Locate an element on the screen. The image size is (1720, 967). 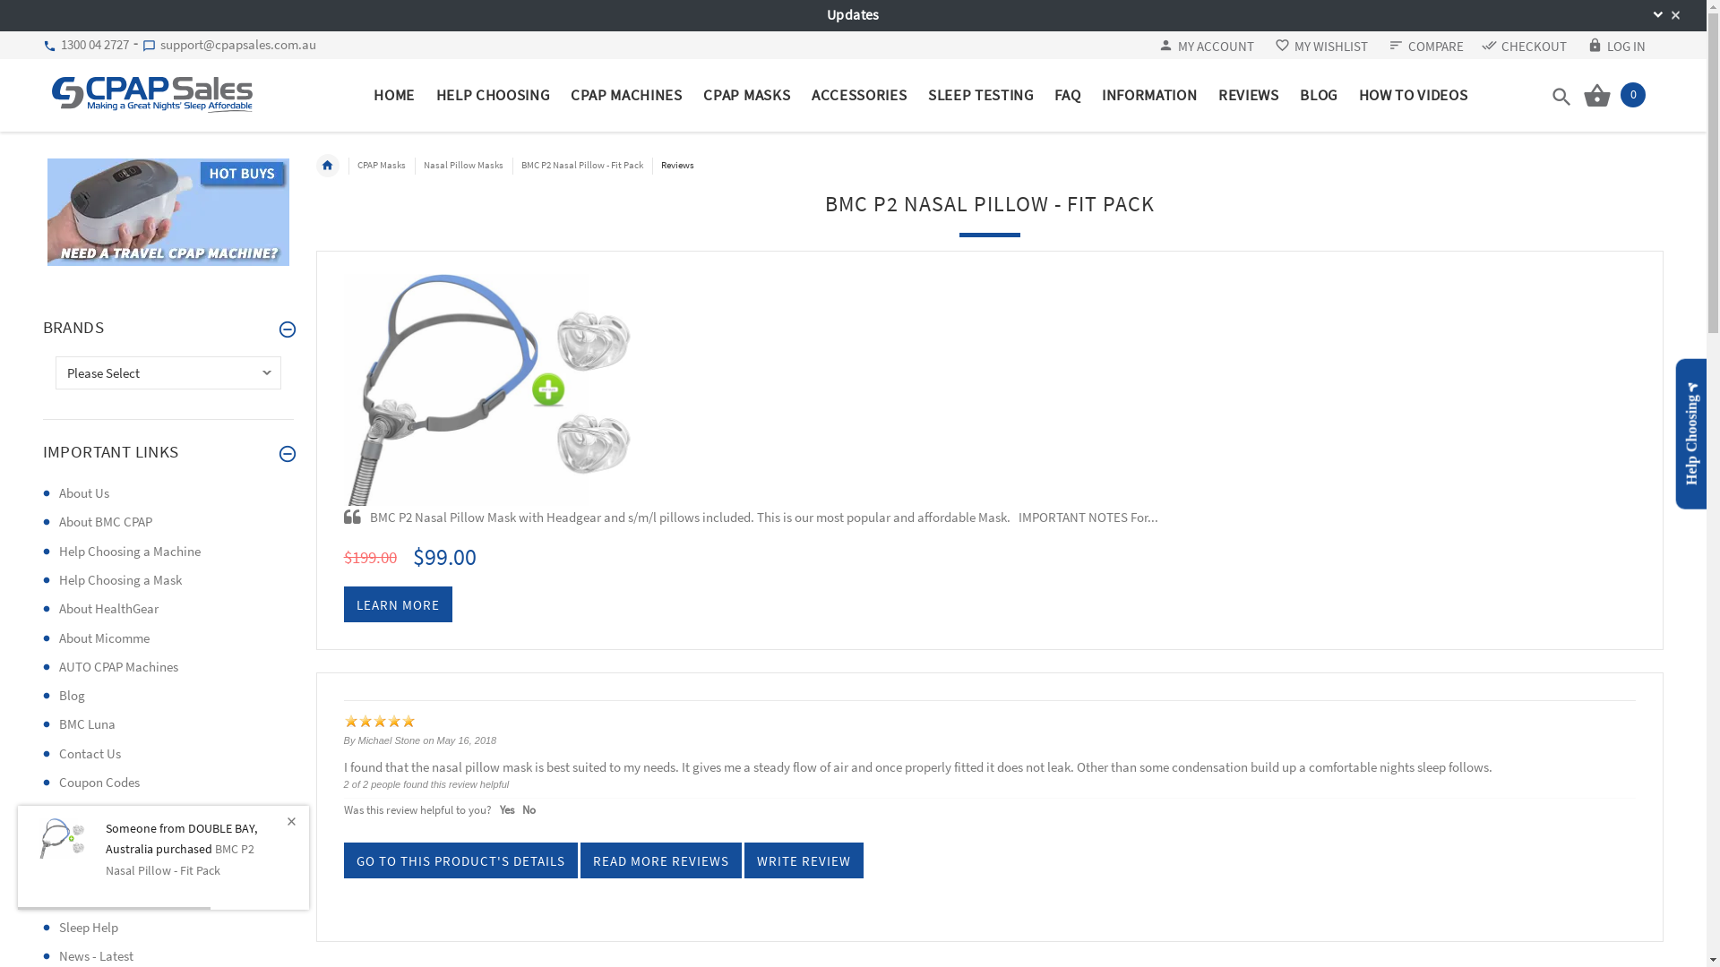
'Yes' is located at coordinates (506, 809).